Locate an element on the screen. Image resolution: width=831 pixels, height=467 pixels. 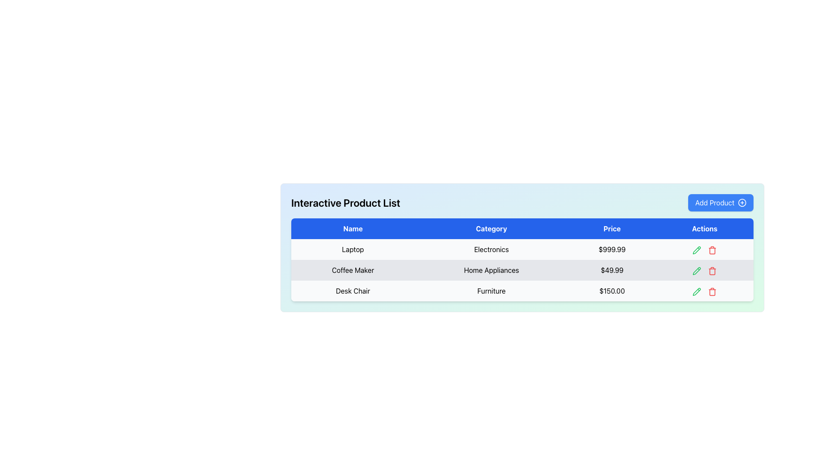
the green edit icon in the 'Actions' column of the table row corresponding to the 'Coffee Maker' entry to initiate an edit operation is located at coordinates (704, 269).